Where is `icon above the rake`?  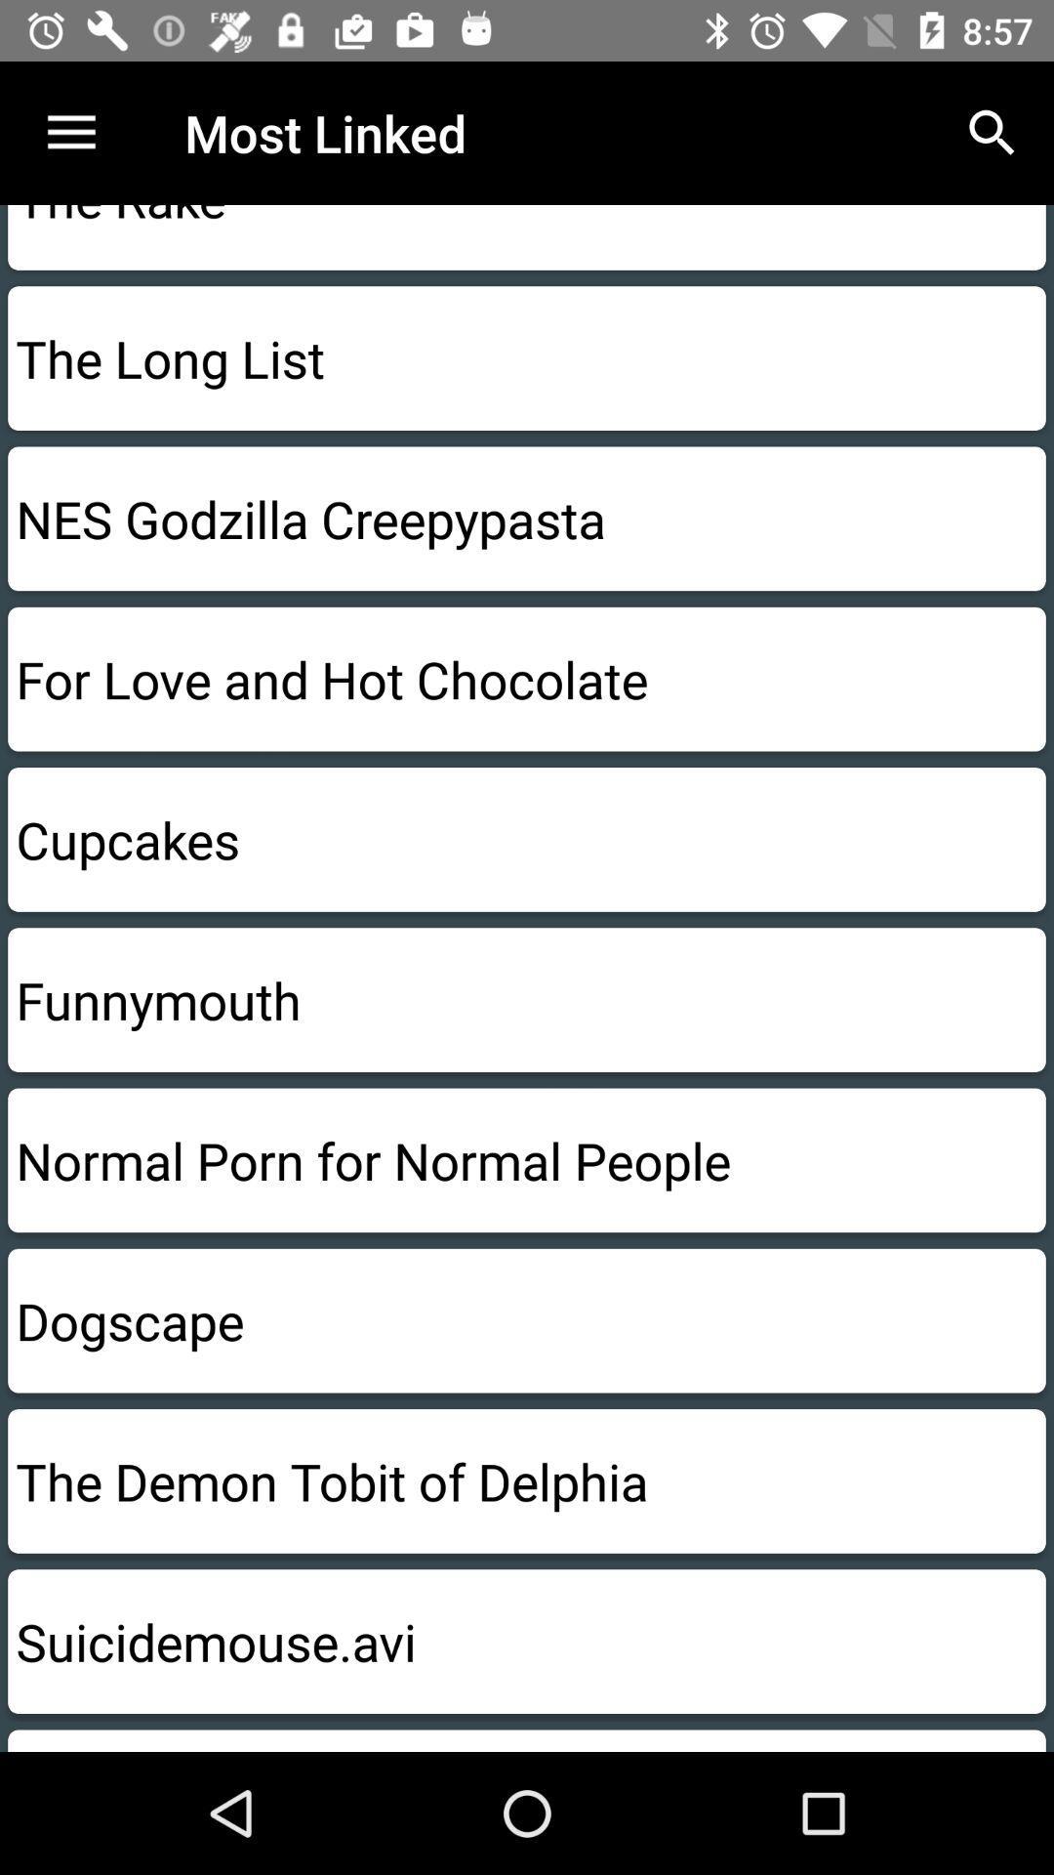 icon above the rake is located at coordinates (993, 132).